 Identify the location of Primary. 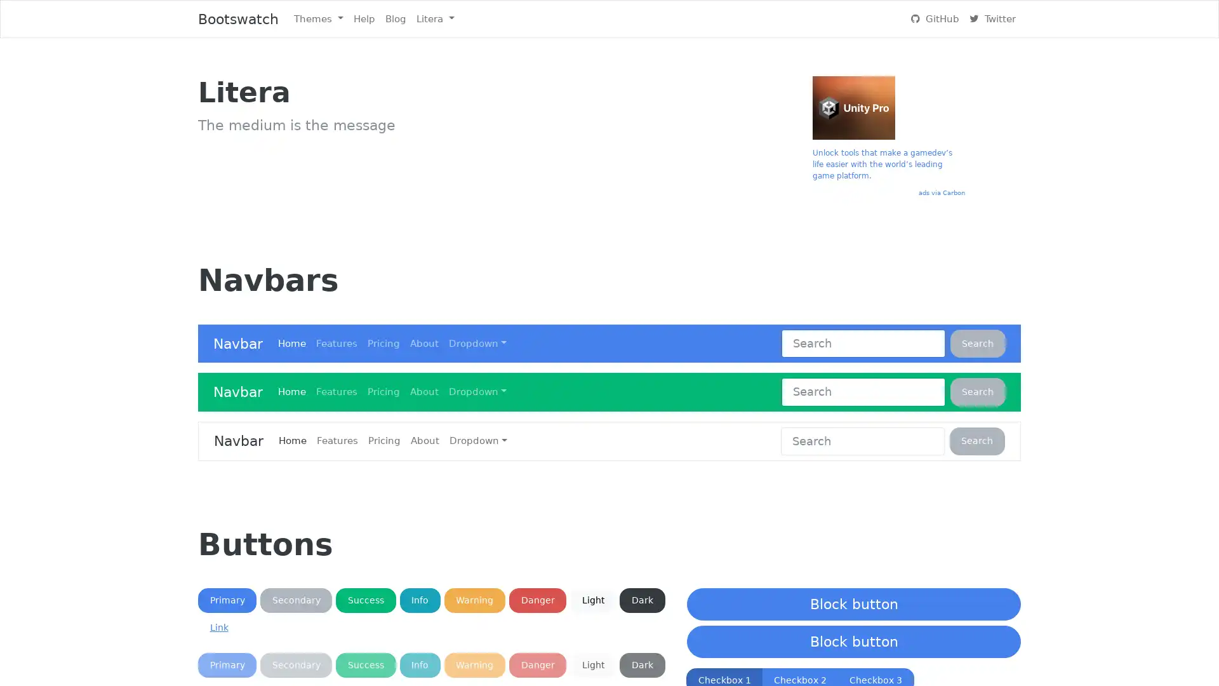
(227, 664).